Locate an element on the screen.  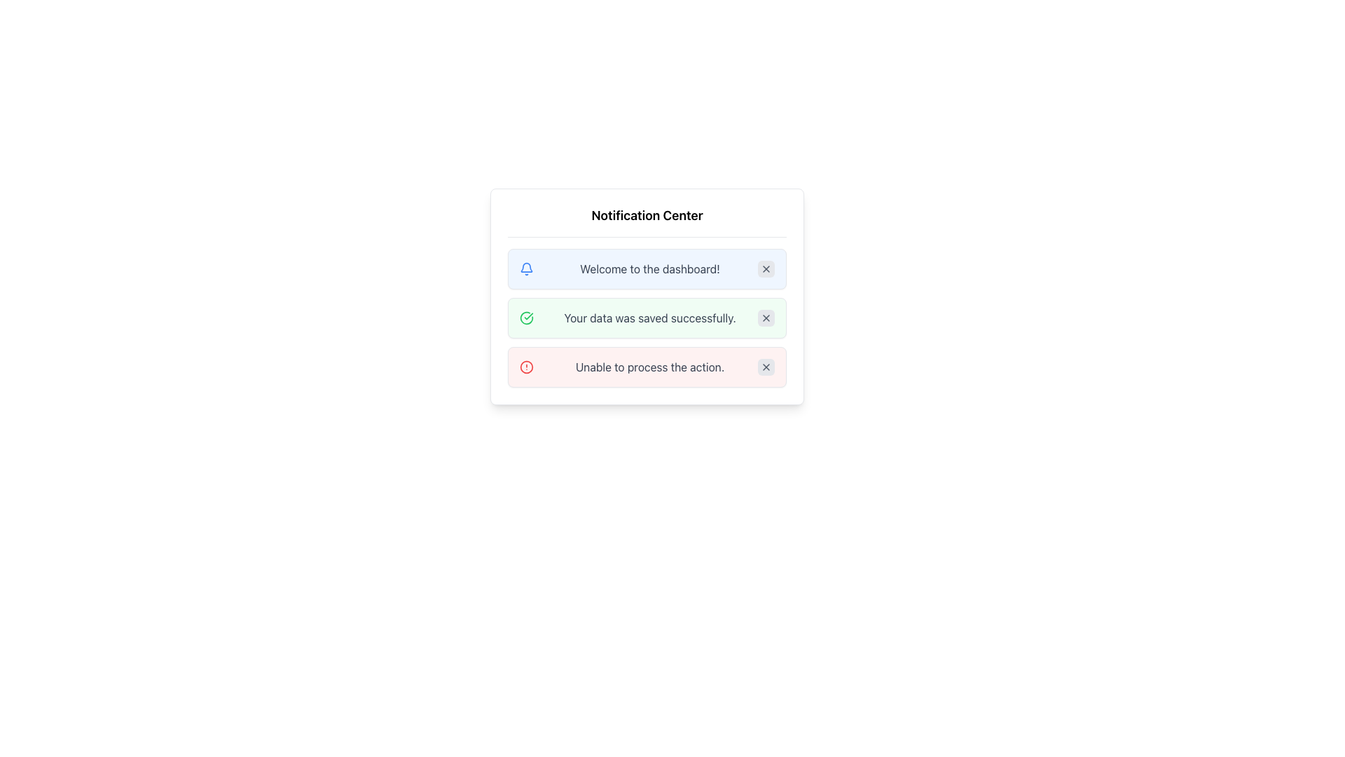
the close button located at the top-right corner of the notification with the blue background that says 'Welcome to the dashboard!' is located at coordinates (766, 269).